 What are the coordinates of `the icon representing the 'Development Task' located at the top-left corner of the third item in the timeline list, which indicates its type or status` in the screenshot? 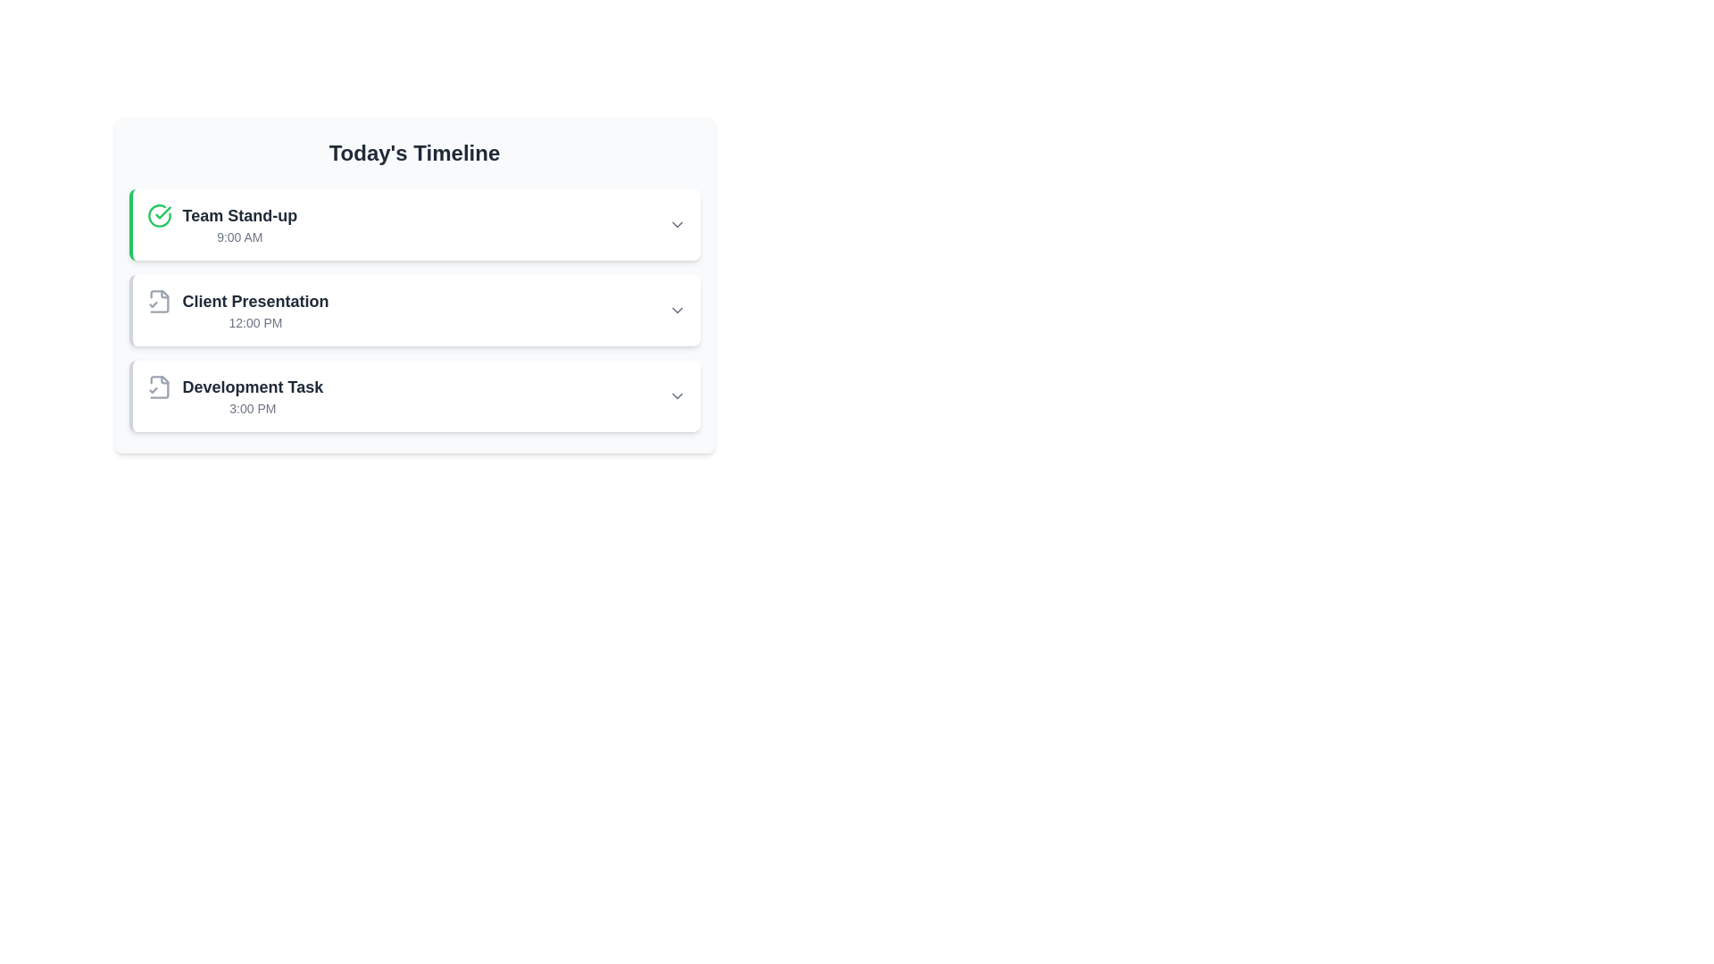 It's located at (159, 386).